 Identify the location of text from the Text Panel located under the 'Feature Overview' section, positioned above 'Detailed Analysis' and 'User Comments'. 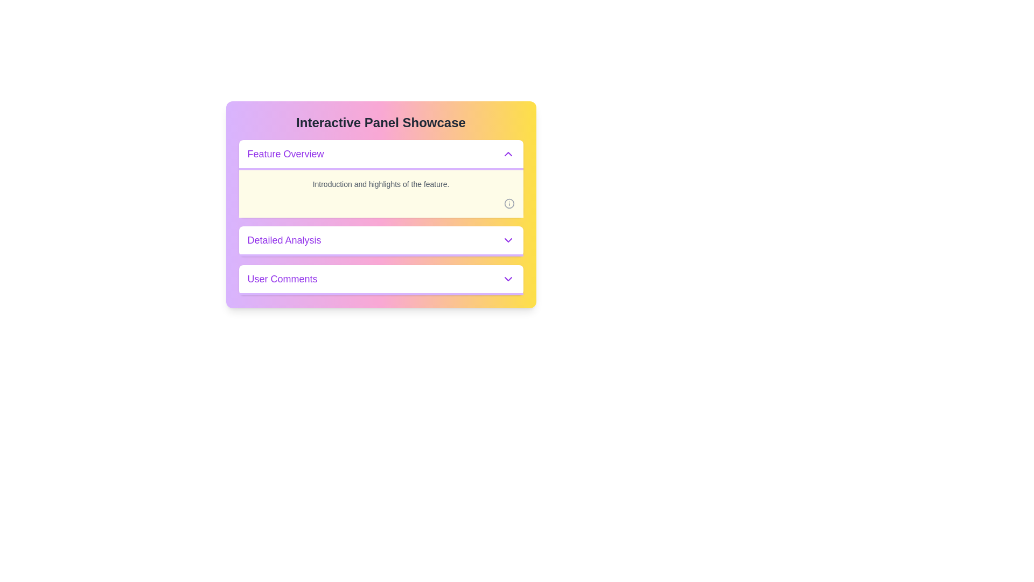
(381, 178).